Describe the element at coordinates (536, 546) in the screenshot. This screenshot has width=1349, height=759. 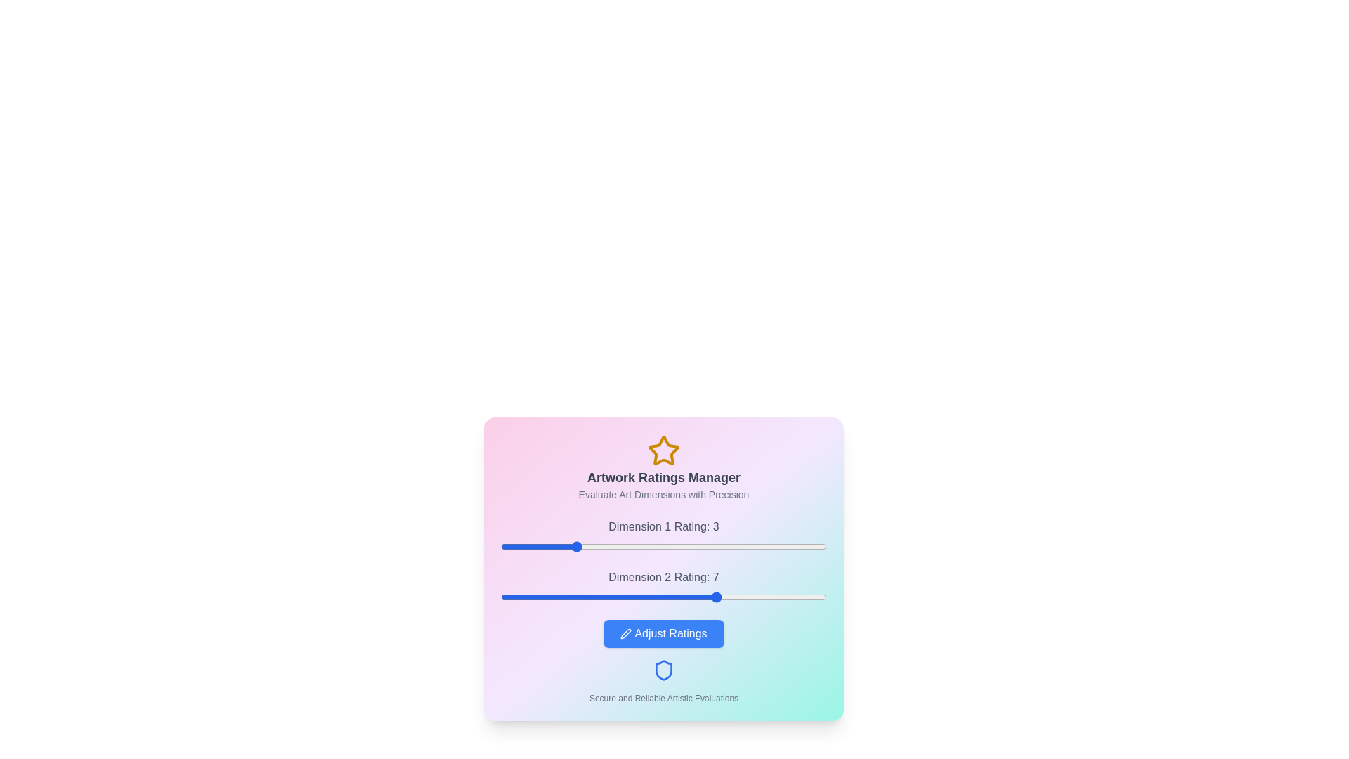
I see `the first dimension rating to 2 by moving the slider` at that location.